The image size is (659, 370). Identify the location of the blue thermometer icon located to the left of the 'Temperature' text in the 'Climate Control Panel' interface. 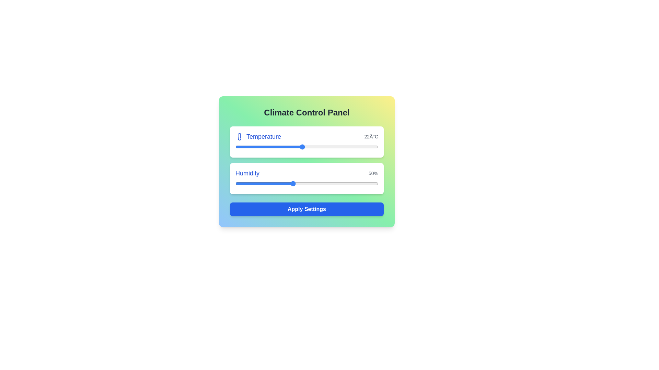
(239, 136).